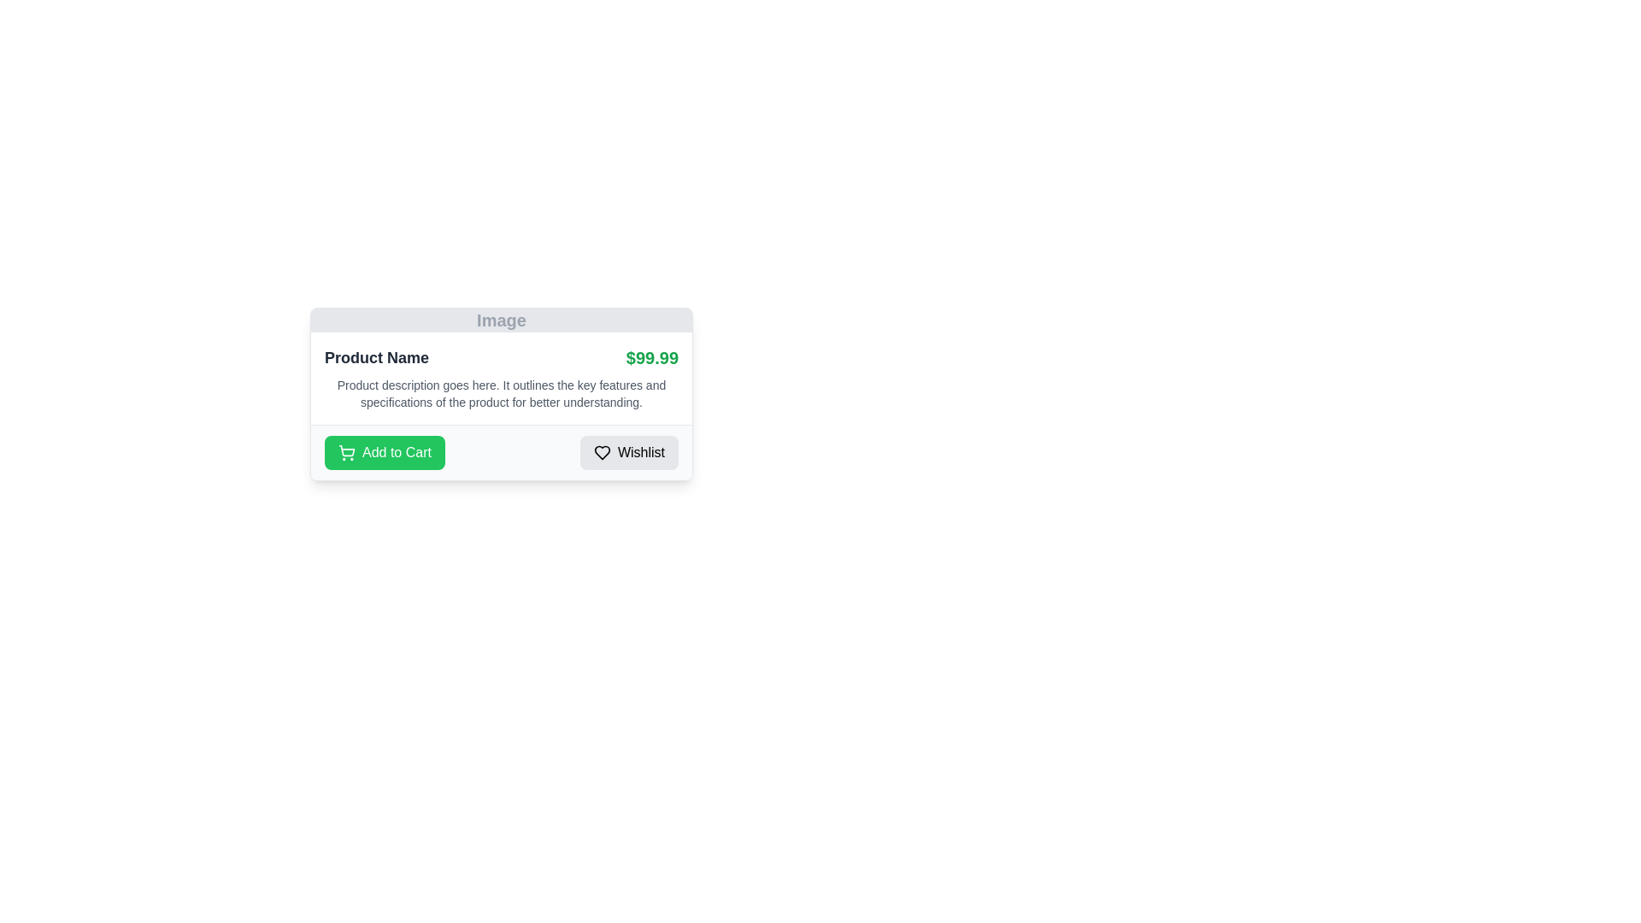 The image size is (1641, 923). What do you see at coordinates (602, 451) in the screenshot?
I see `the heart-shaped icon with a minimalistic outline design, located to the left of the text within the 'Wishlist' button` at bounding box center [602, 451].